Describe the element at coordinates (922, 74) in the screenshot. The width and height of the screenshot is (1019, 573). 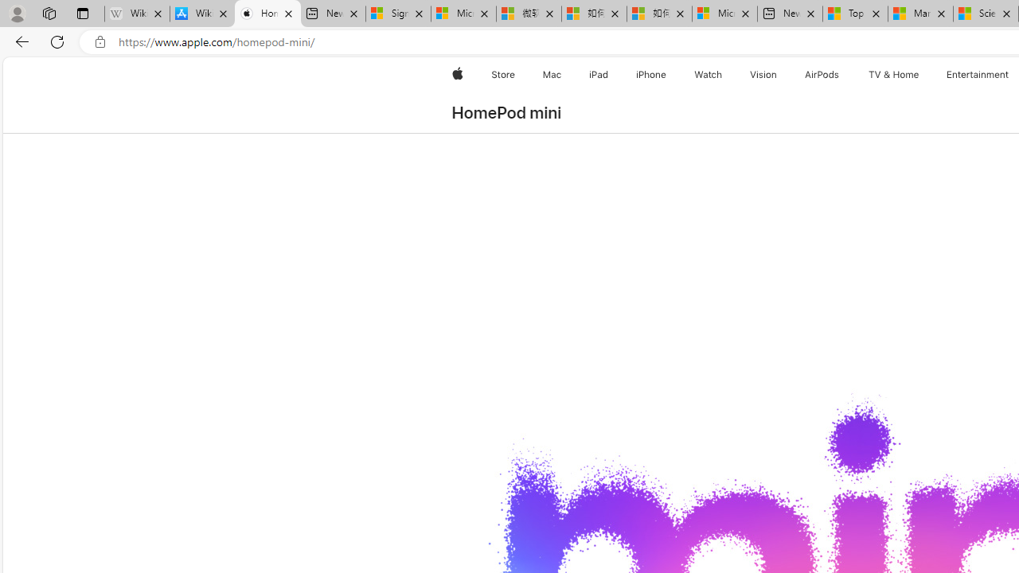
I see `'TV and Home menu'` at that location.